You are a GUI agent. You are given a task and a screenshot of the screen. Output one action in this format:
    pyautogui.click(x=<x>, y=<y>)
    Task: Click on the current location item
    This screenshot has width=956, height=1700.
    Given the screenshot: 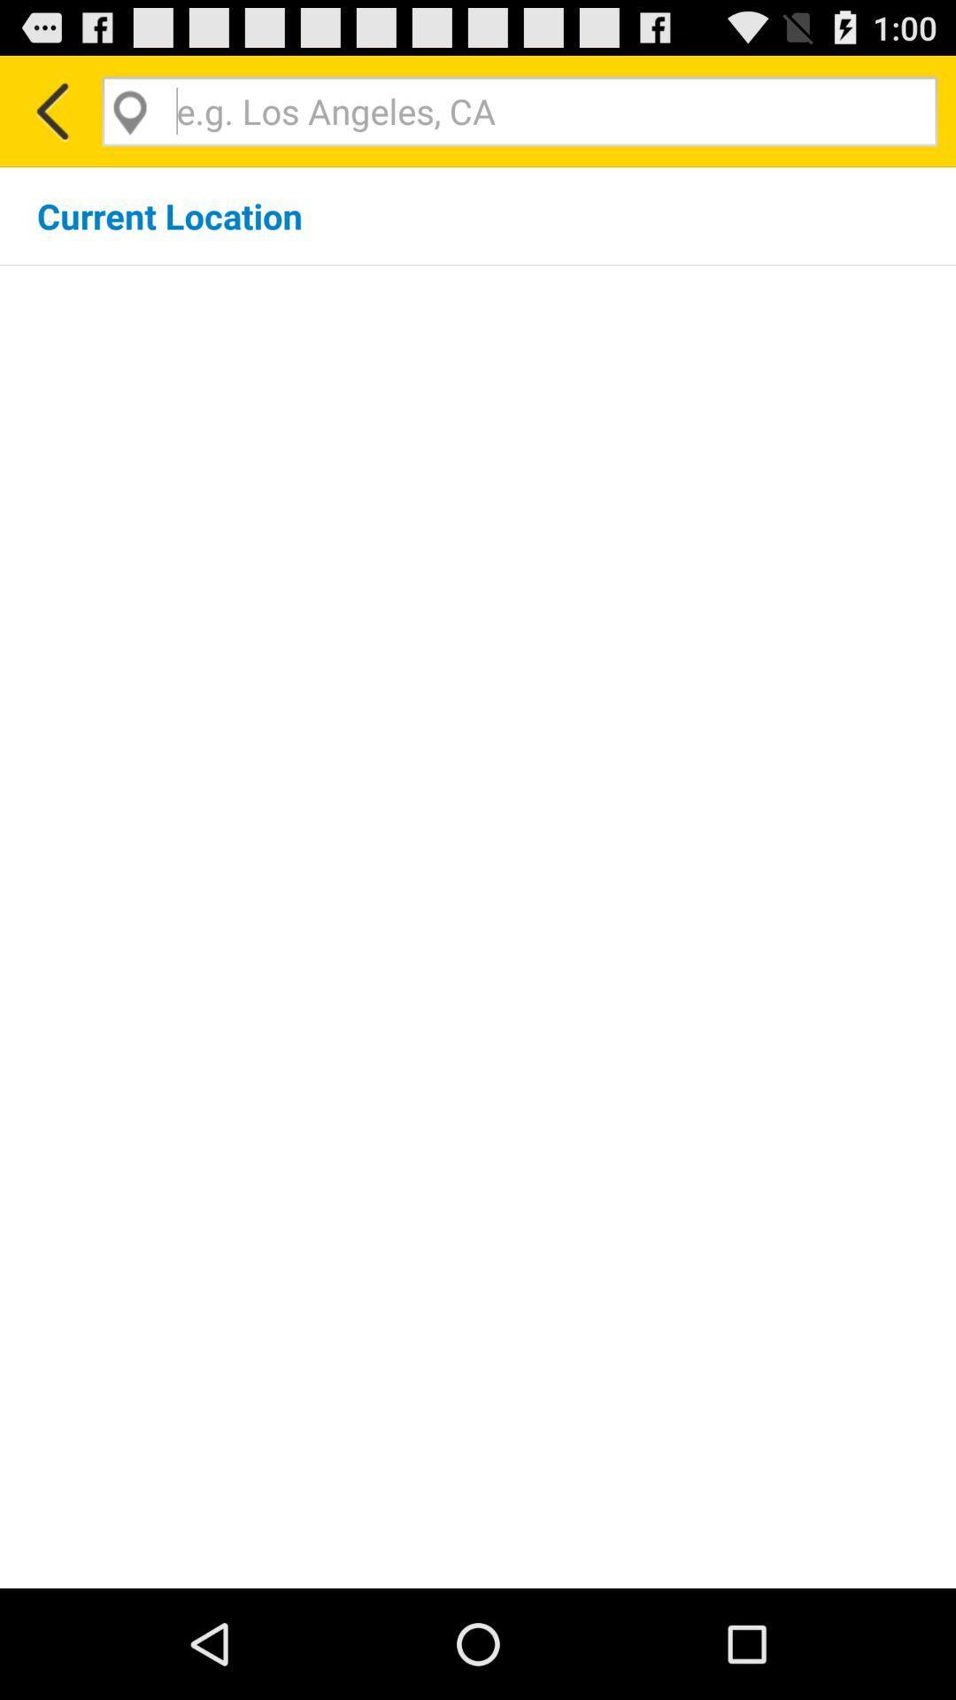 What is the action you would take?
    pyautogui.click(x=170, y=215)
    